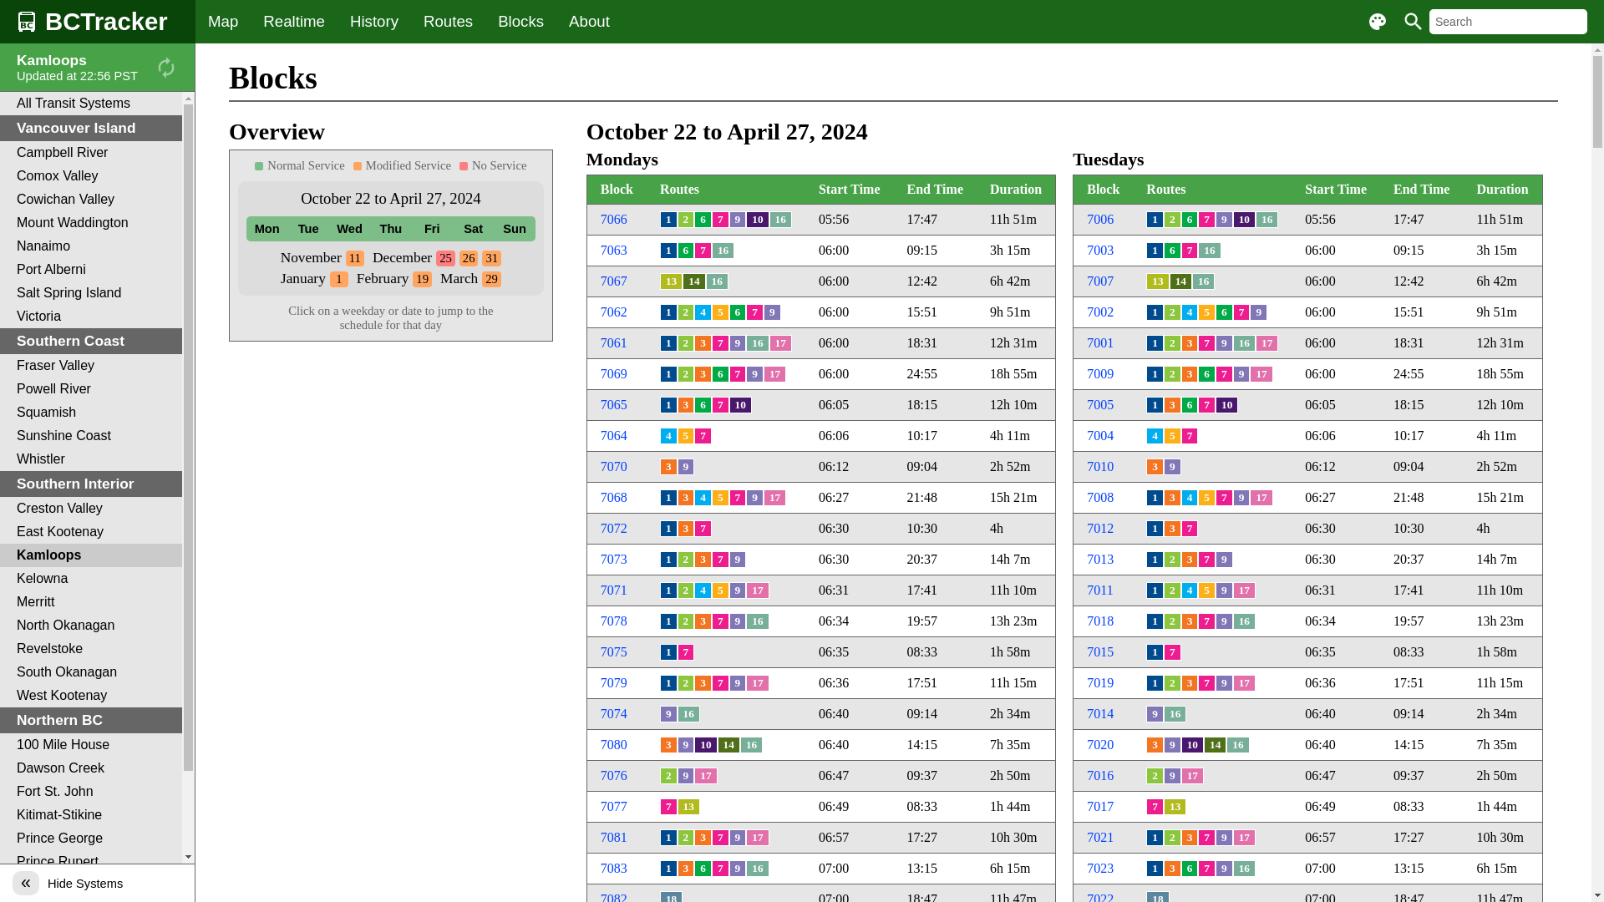  What do you see at coordinates (779, 218) in the screenshot?
I see `'16'` at bounding box center [779, 218].